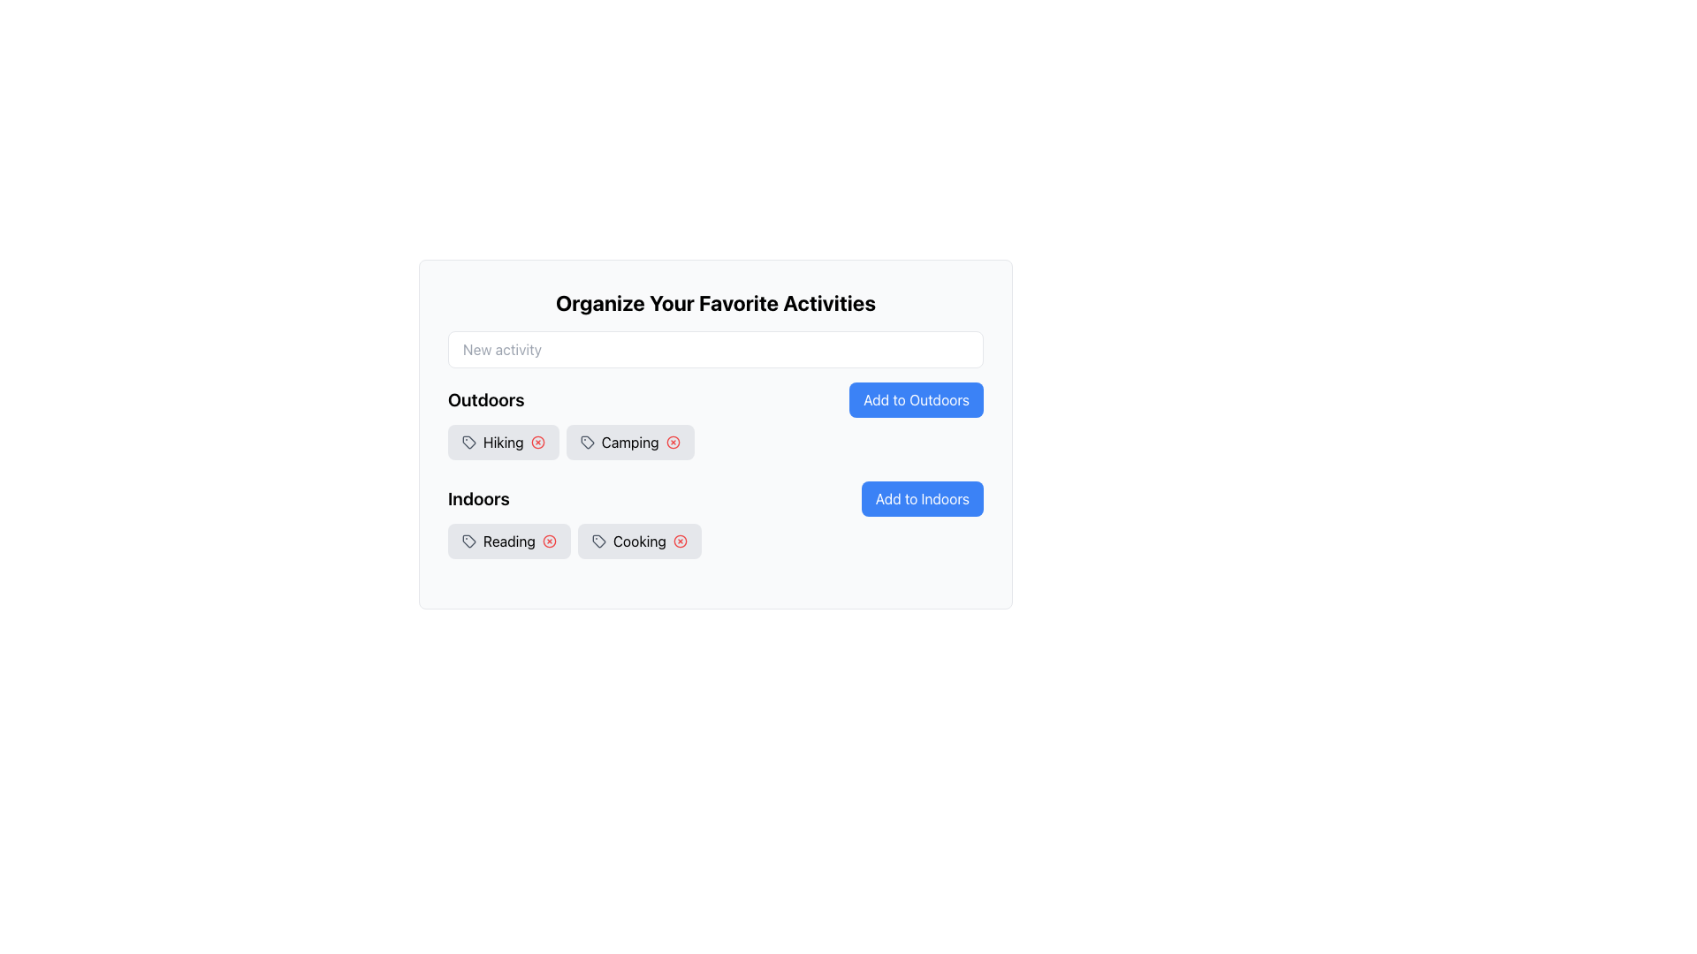 This screenshot has height=954, width=1697. I want to click on the label that serves as a title for the section related to 'Outdoors', positioned above the tags 'Hiking' and 'Camping', so click(486, 399).